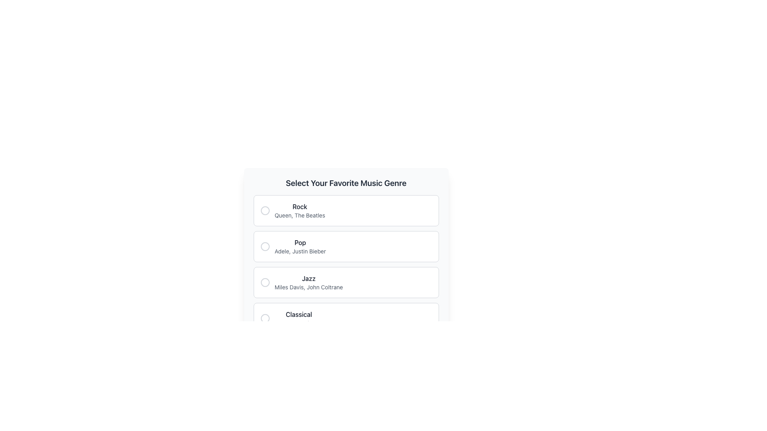 This screenshot has width=767, height=431. What do you see at coordinates (265, 210) in the screenshot?
I see `the radio button representing the 'Rock' option in the music genre selection list` at bounding box center [265, 210].